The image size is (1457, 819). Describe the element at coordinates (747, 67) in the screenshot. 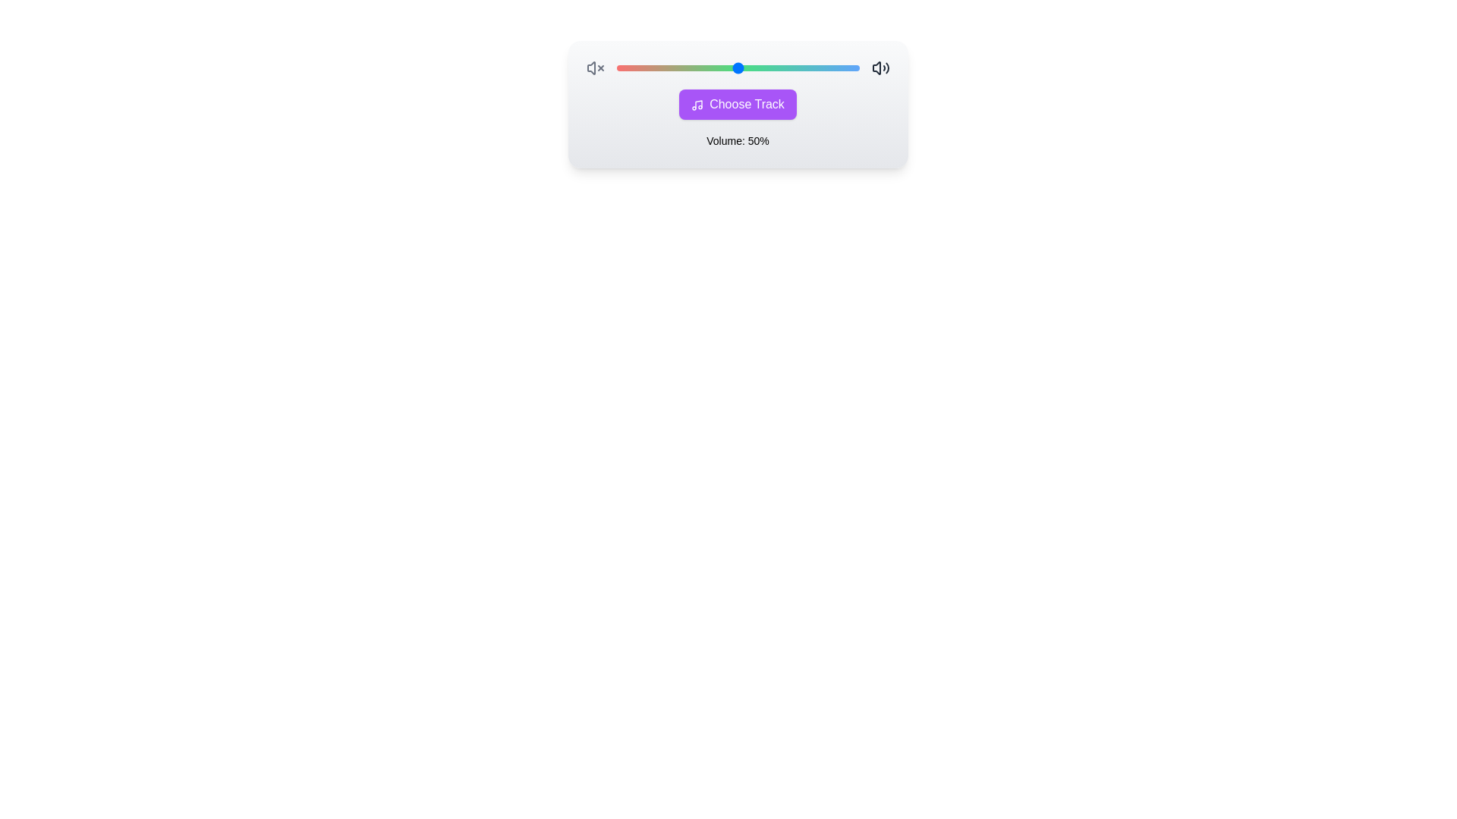

I see `the volume to 54% using the slider` at that location.